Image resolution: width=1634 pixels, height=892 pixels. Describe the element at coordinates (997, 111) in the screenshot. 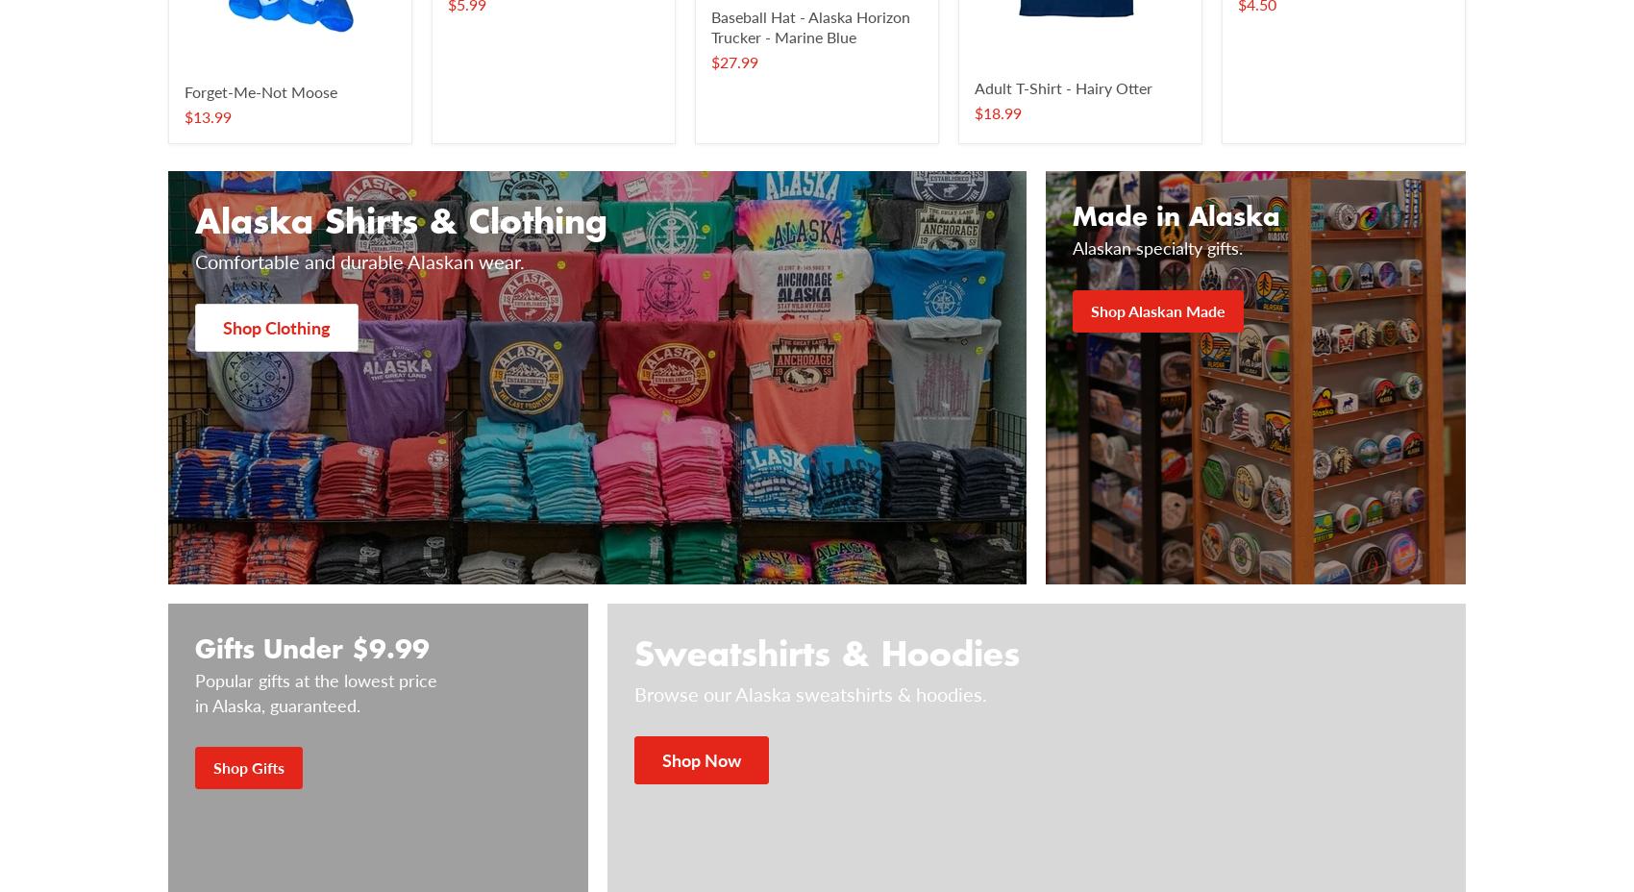

I see `'$18.99'` at that location.